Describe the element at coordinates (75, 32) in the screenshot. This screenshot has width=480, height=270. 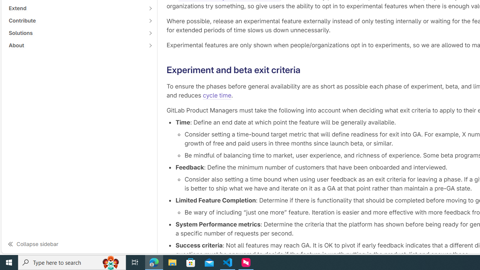
I see `'Solutions'` at that location.